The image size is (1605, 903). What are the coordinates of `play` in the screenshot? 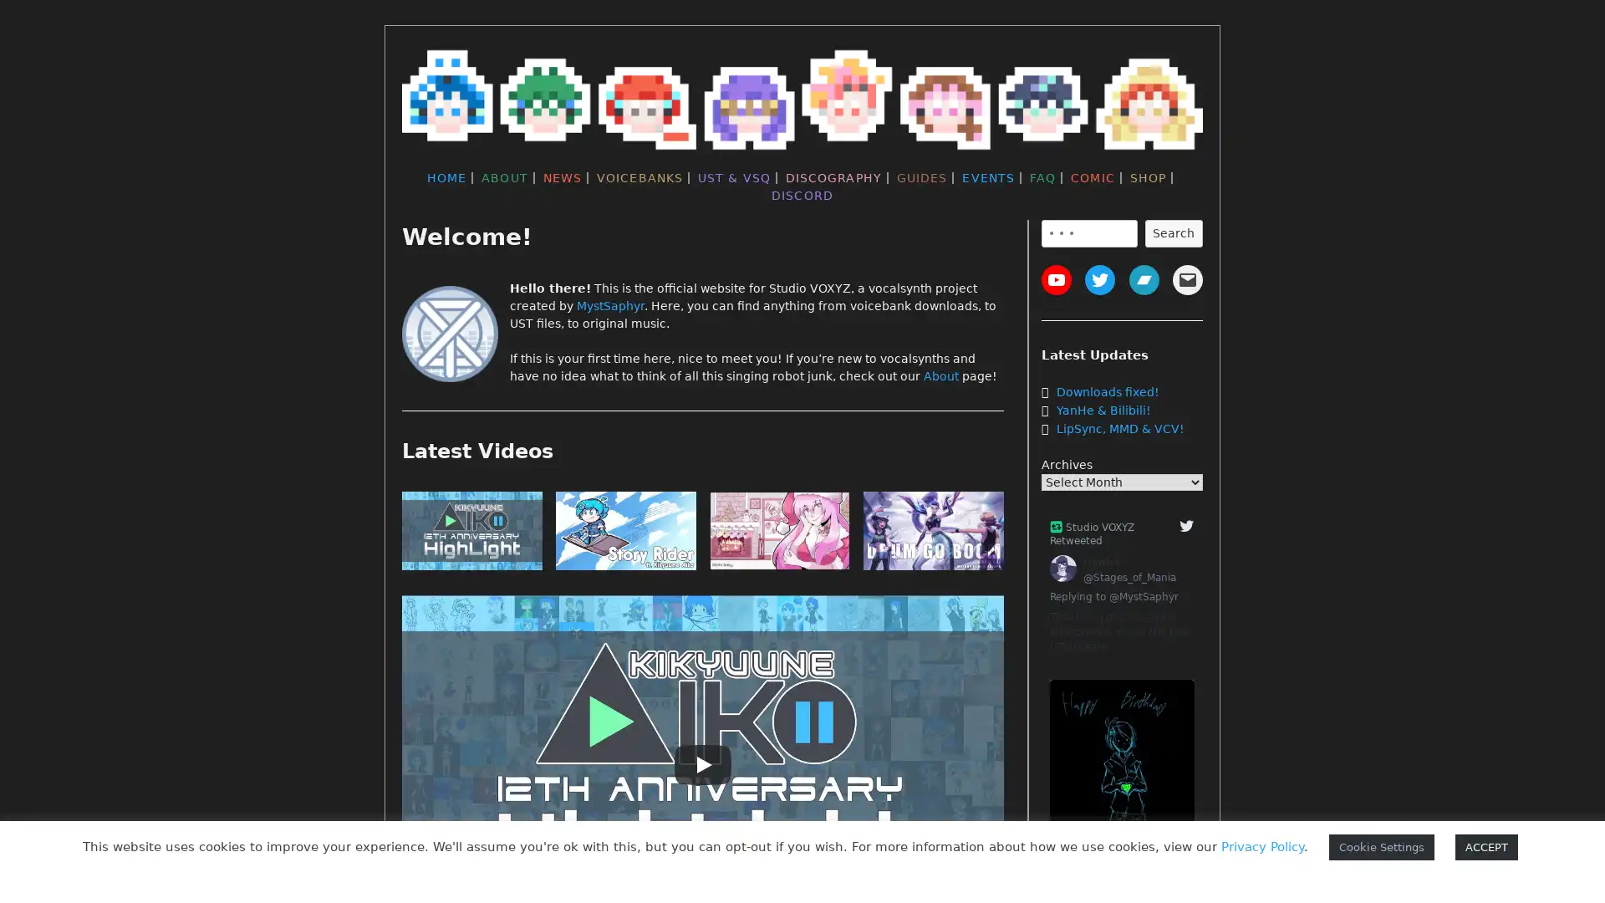 It's located at (471, 534).